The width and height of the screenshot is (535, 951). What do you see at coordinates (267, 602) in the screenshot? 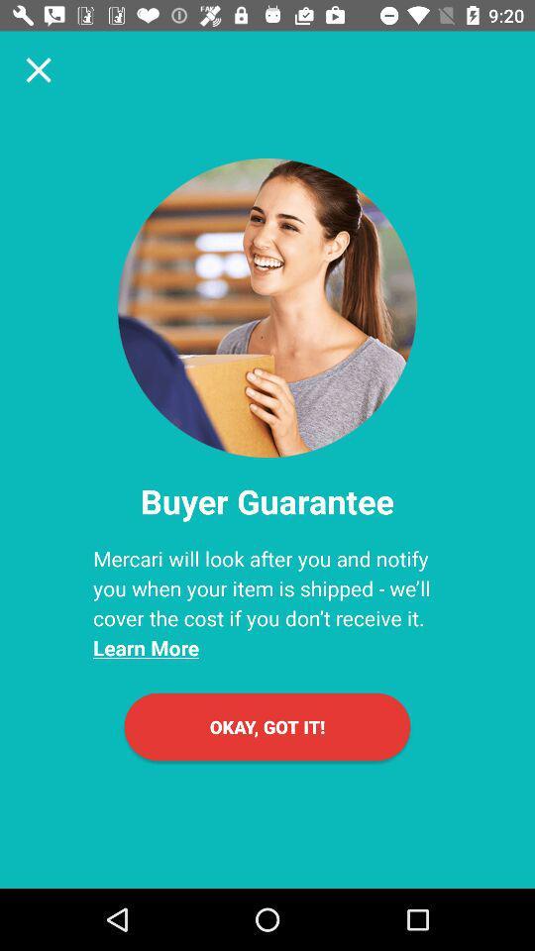
I see `the icon below the buyer guarantee` at bounding box center [267, 602].